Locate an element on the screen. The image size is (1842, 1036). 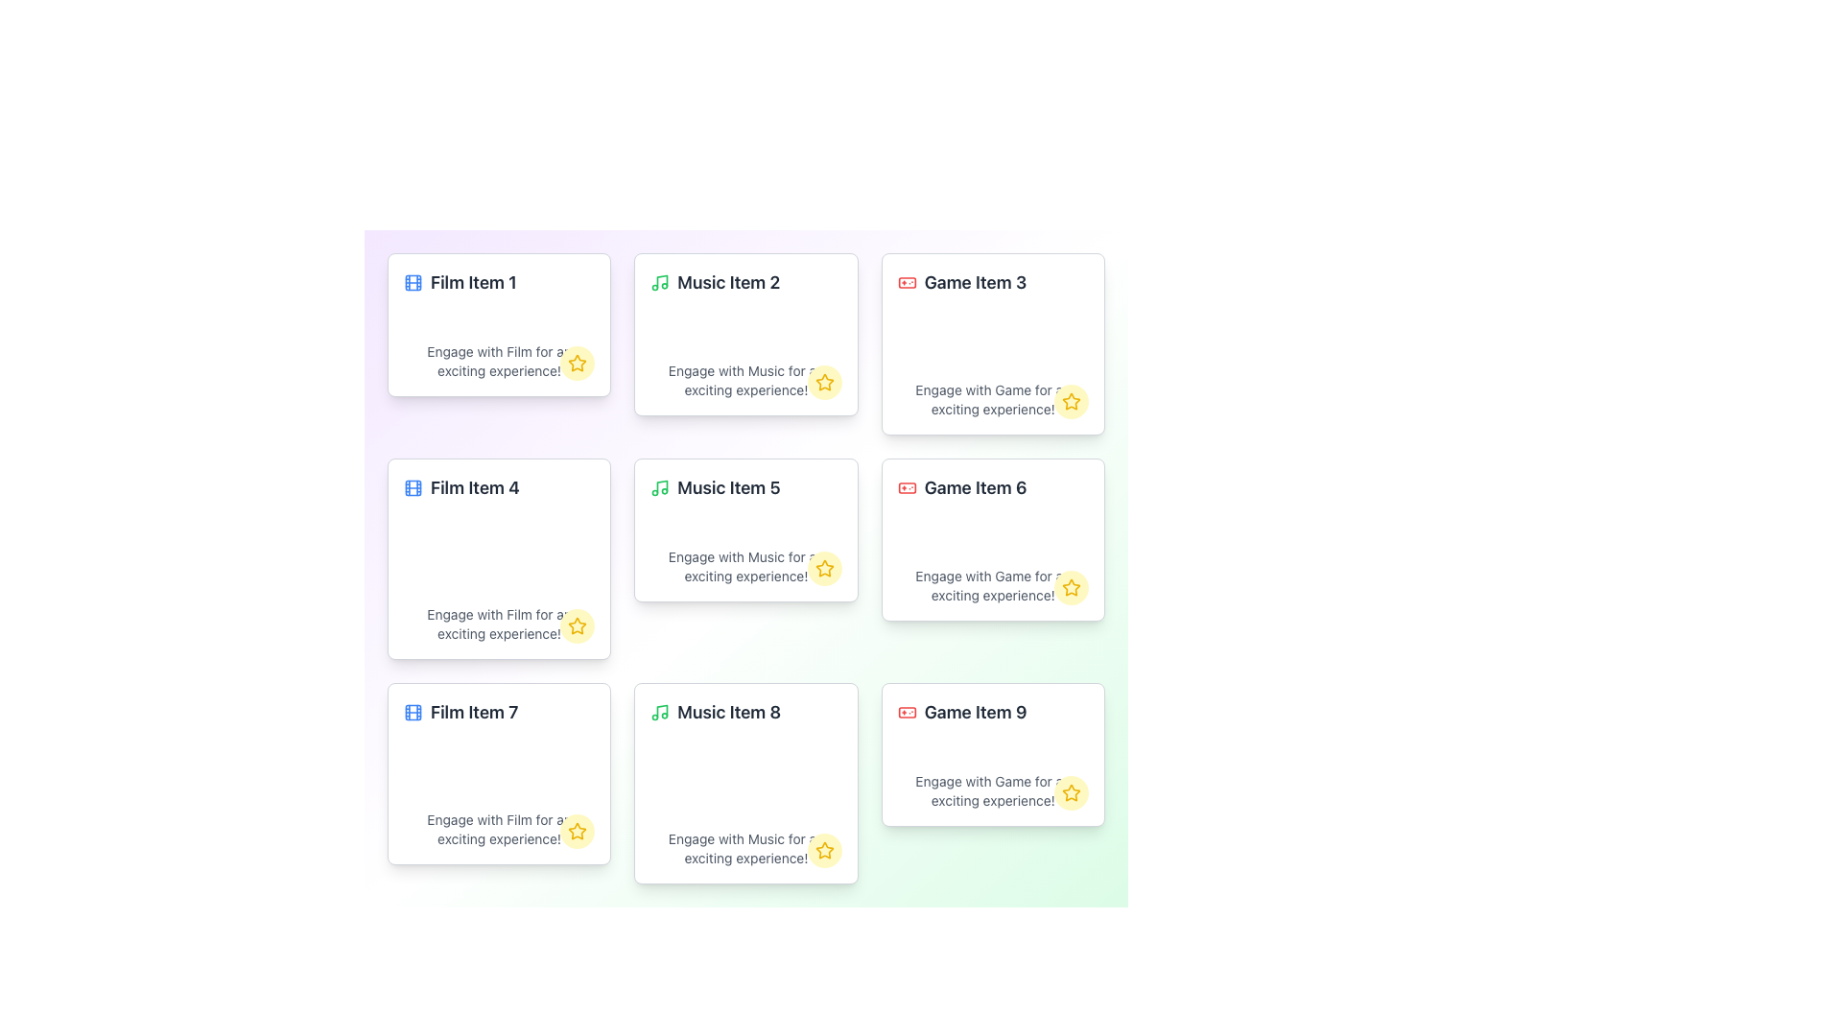
the SVG game controller icon with a red stroke, located in the 'Game Item 6' card in the second row, third column of the grid layout is located at coordinates (906, 487).